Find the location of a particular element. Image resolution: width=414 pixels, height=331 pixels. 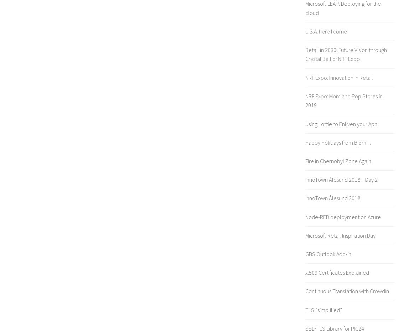

'InnoTown Ålesund 2018 – Day 2' is located at coordinates (305, 179).